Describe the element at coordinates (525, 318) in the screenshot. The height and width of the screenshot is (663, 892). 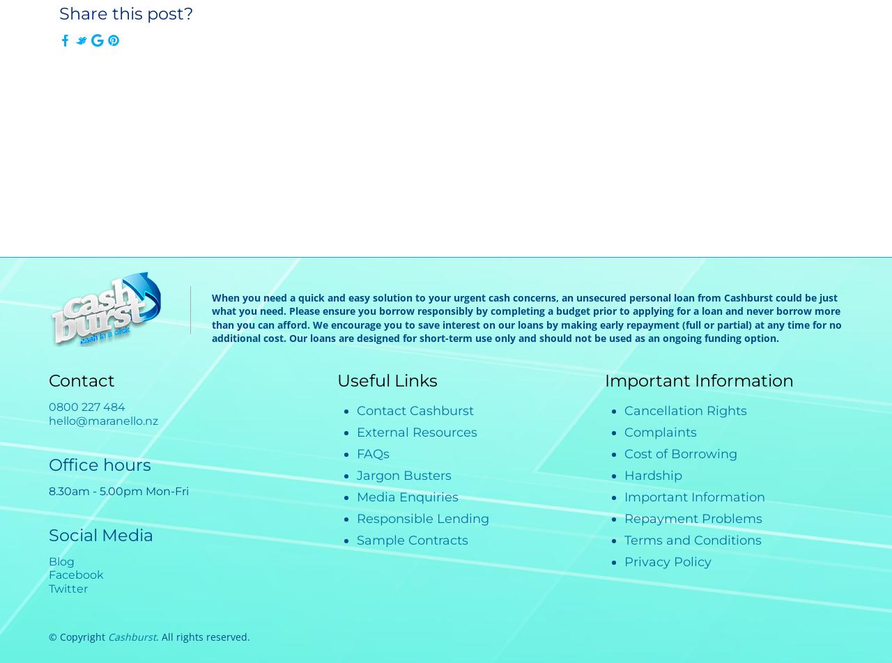
I see `'When you need a quick and easy solution to your urgent cash concerns, an unsecured personal loan from Cashburst could be just what you need. Please ensure you borrow responsibly by completing a budget prior to applying for a loan and never borrow more than you can afford. 
We encourage you to save interest on our loans by making early repayment (full or partial) at any time for no additional cost. Our loans are designed for short-term use only and should not be used as an ongoing funding option.'` at that location.